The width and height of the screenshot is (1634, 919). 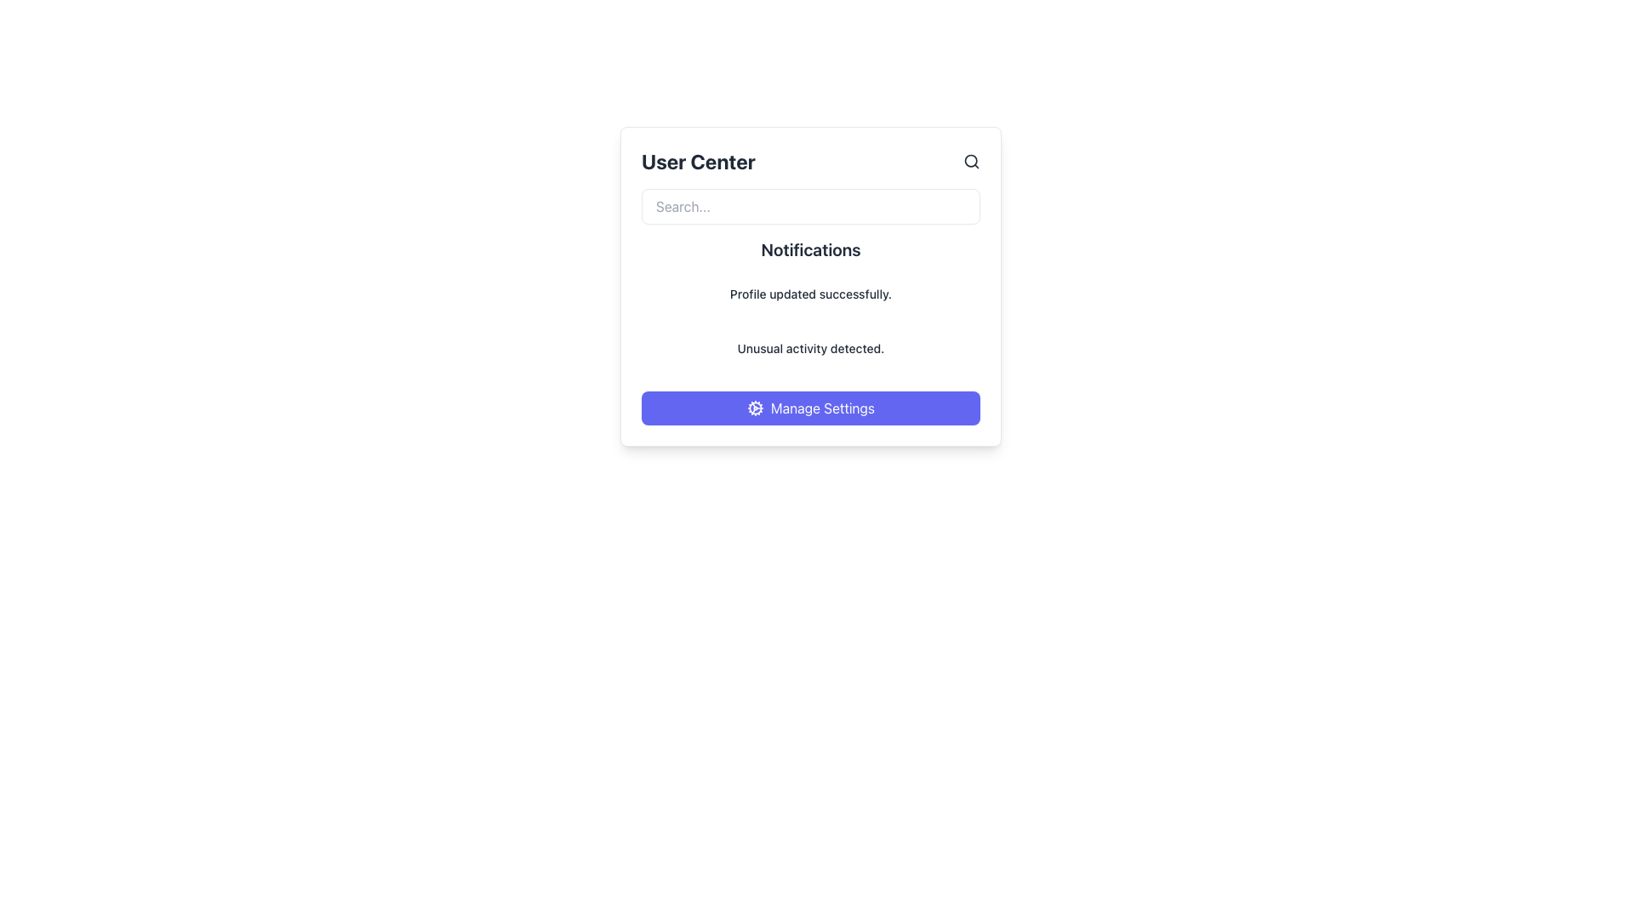 What do you see at coordinates (810, 294) in the screenshot?
I see `the static informational message indicating 'Profile updated successfully.' which is the first notification in the group inside the notification card` at bounding box center [810, 294].